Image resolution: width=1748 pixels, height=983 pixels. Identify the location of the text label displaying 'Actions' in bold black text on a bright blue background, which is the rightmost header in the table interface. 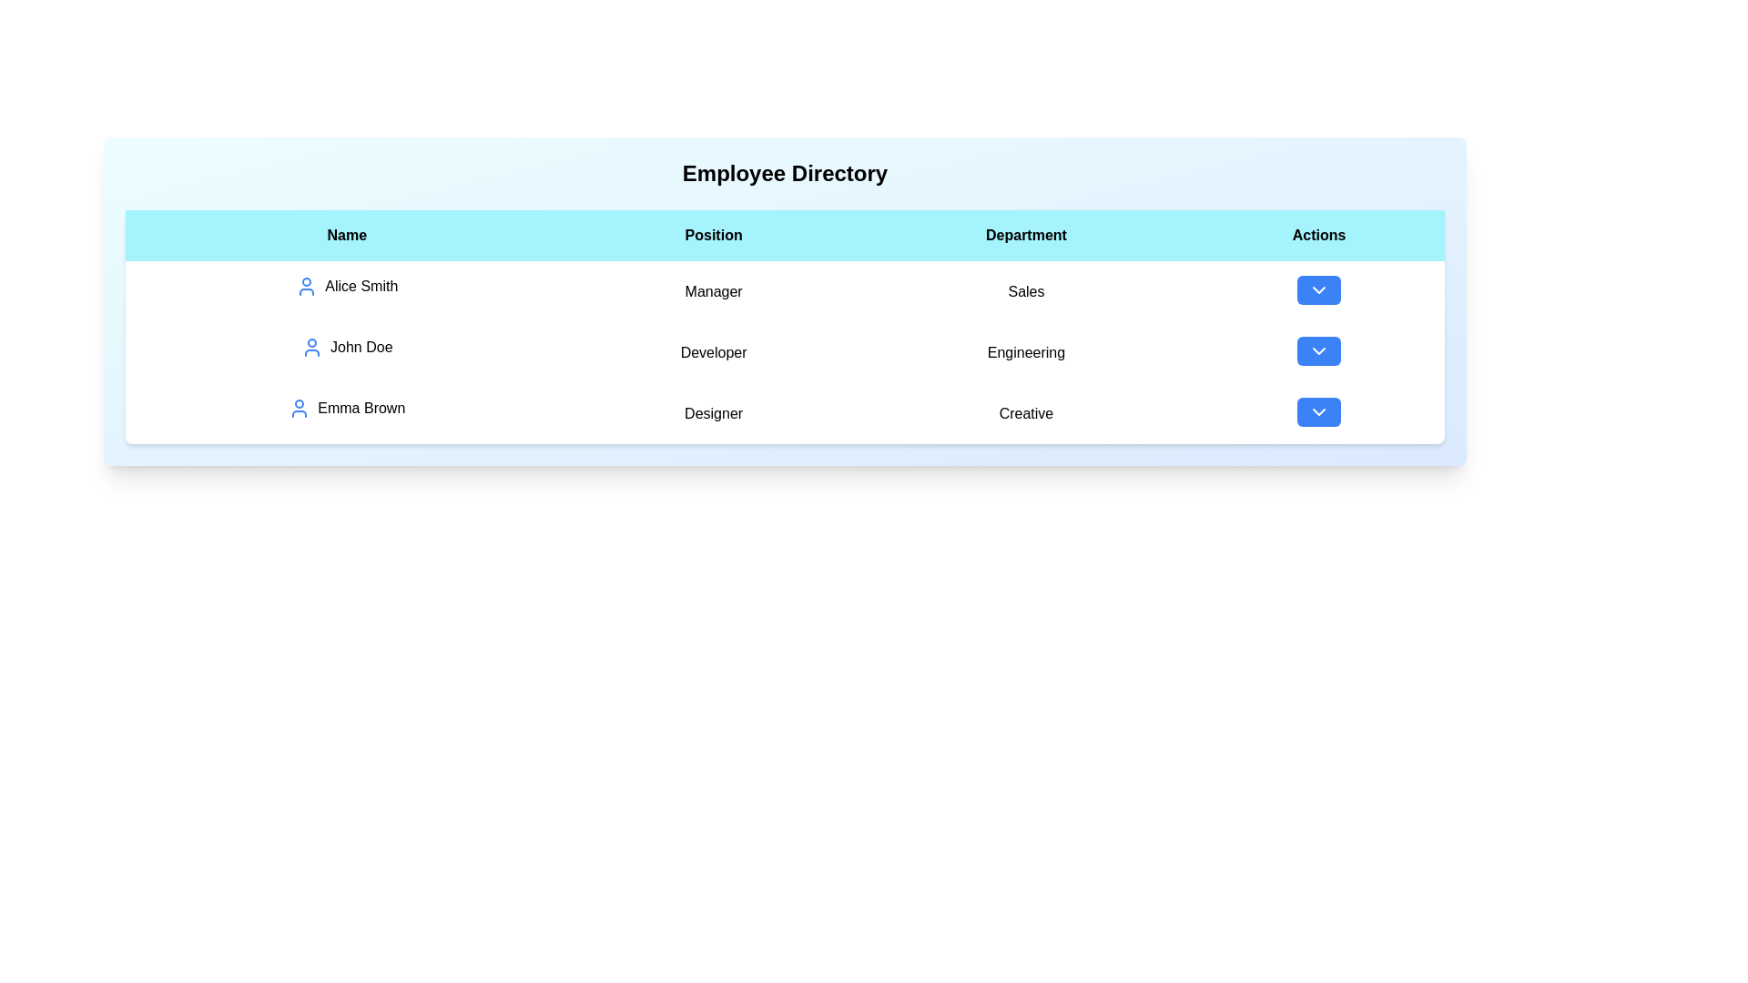
(1319, 234).